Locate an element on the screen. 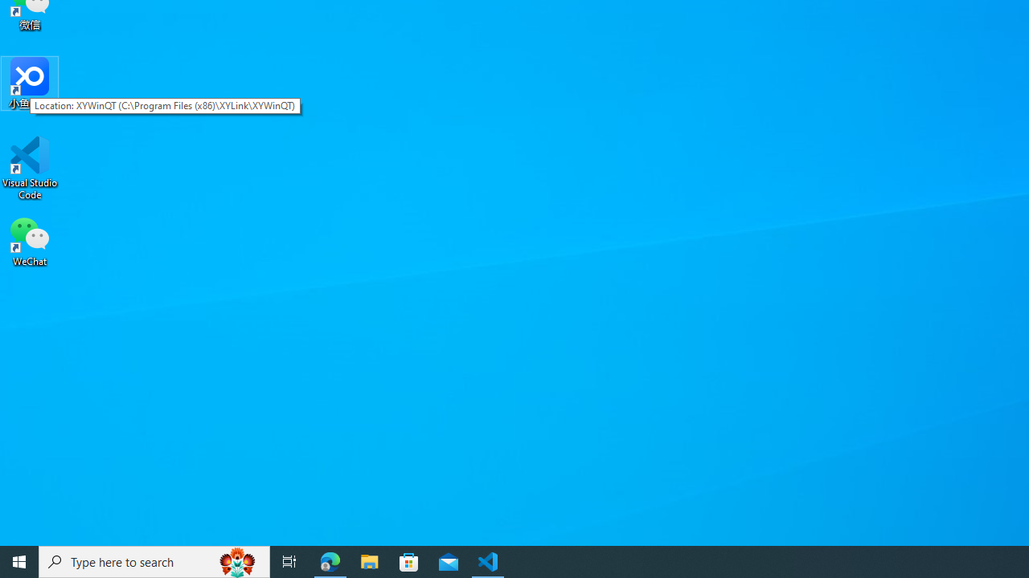 This screenshot has width=1029, height=578. 'Type here to search' is located at coordinates (154, 560).